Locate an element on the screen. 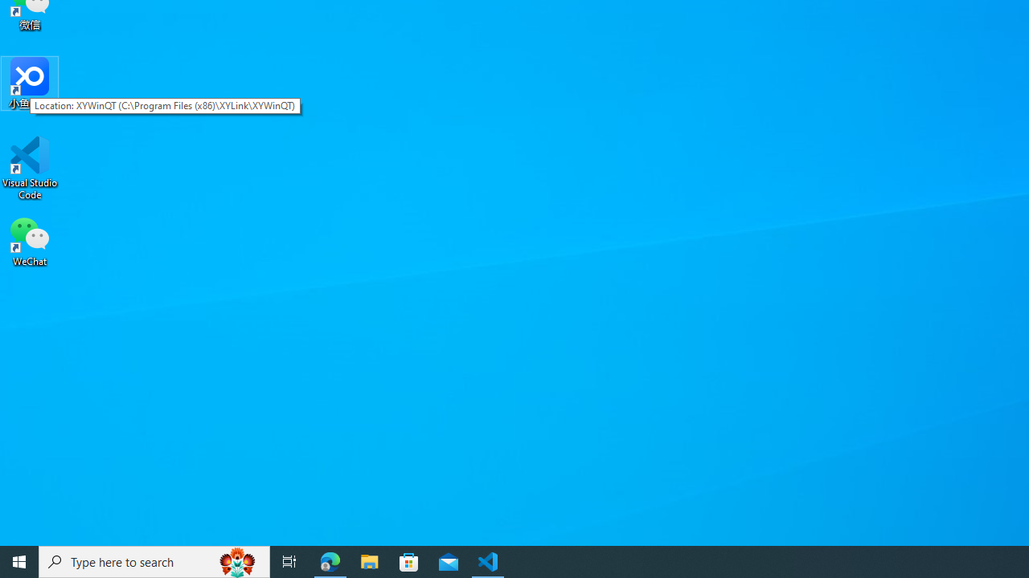 This screenshot has width=1029, height=578. 'Type here to search' is located at coordinates (154, 560).